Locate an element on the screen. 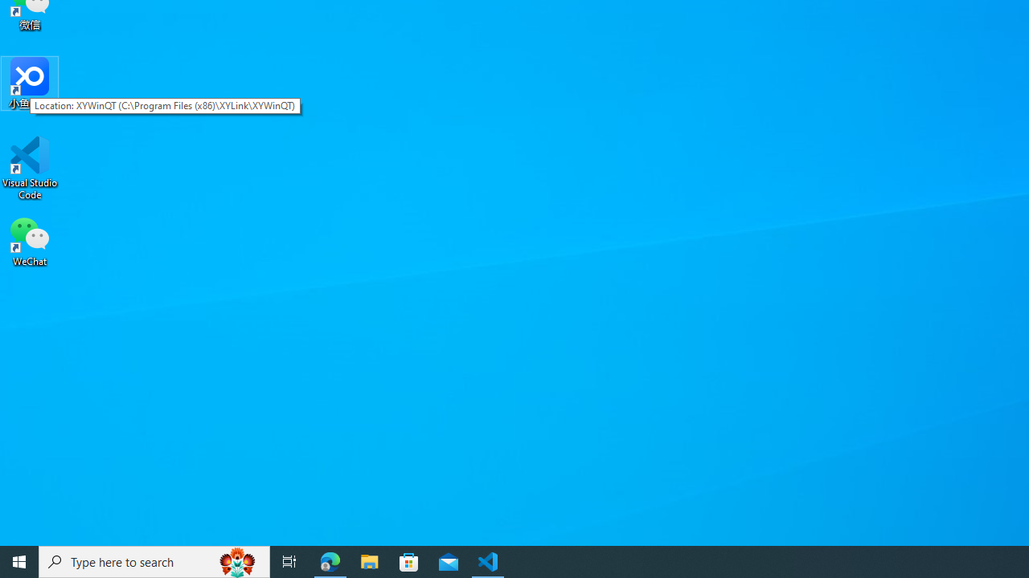 This screenshot has width=1029, height=578. 'Type here to search' is located at coordinates (154, 560).